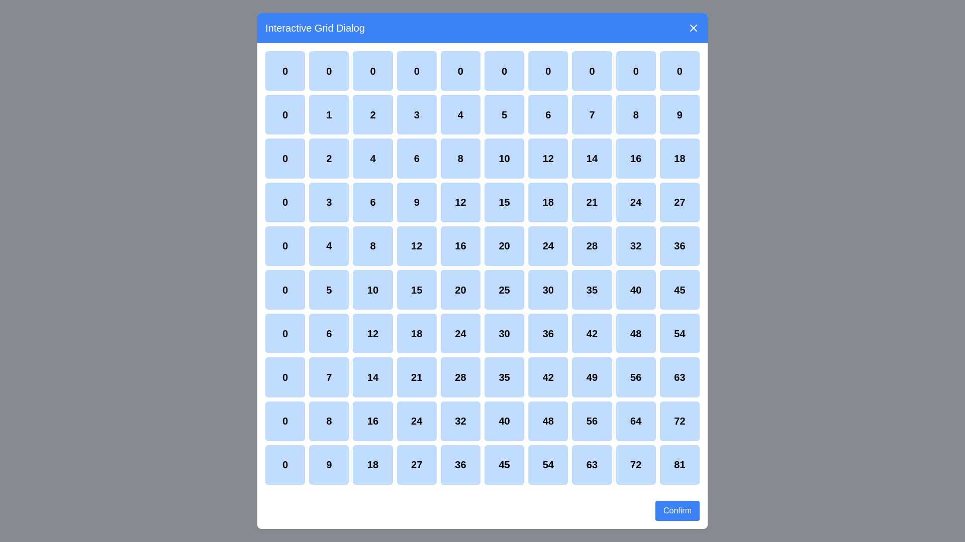 Image resolution: width=965 pixels, height=542 pixels. What do you see at coordinates (678, 511) in the screenshot?
I see `the 'Confirm' button to confirm the selection` at bounding box center [678, 511].